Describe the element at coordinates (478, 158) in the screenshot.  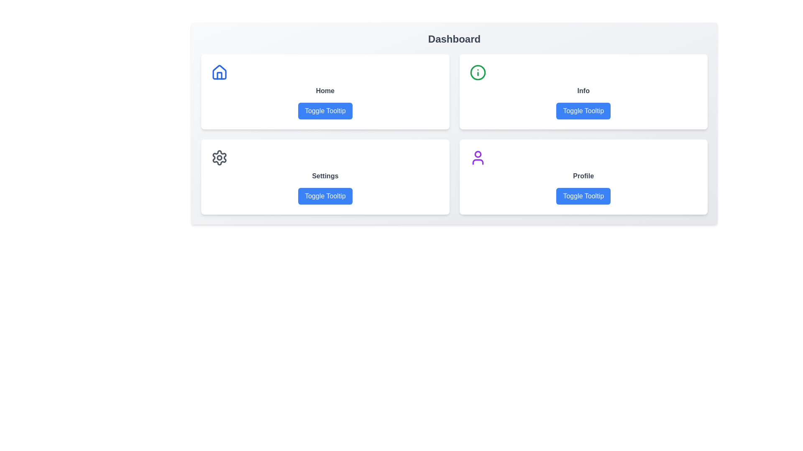
I see `the purple user icon located in the top-left quadrant of the 'Profile' card, positioned above the label 'Profile' and the blue 'Toggle Tooltip' button` at that location.